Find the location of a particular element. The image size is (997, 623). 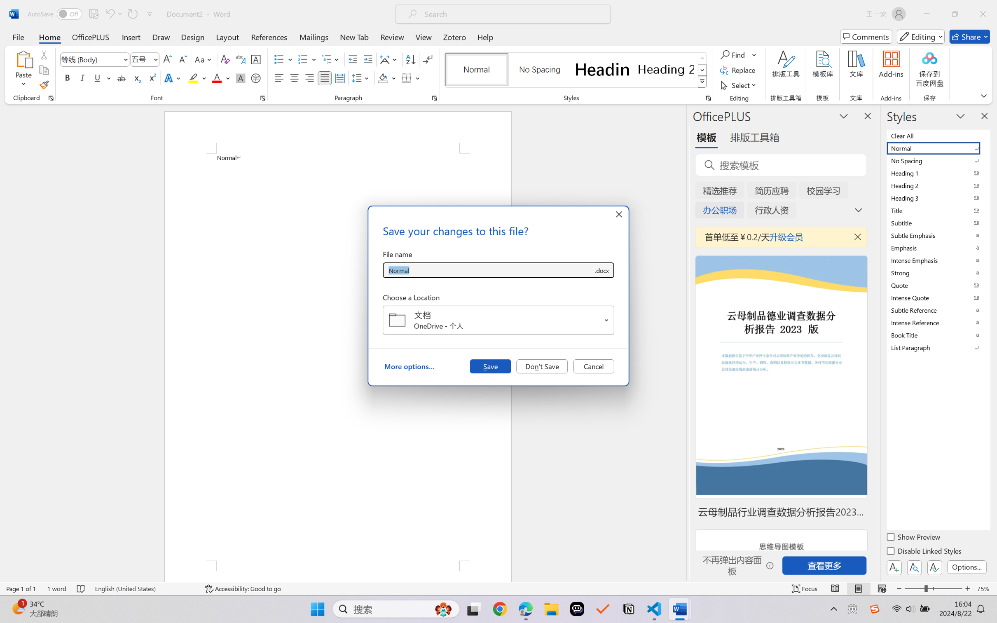

'Undo Apply Quick Style' is located at coordinates (109, 14).